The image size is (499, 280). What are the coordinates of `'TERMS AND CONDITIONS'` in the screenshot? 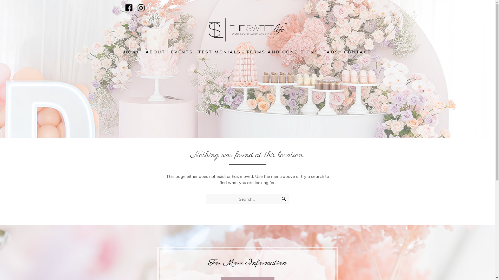 It's located at (282, 52).